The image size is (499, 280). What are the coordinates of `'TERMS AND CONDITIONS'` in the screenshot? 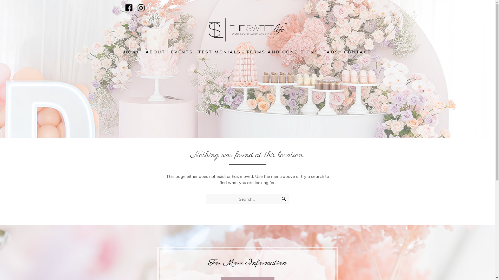 It's located at (282, 52).